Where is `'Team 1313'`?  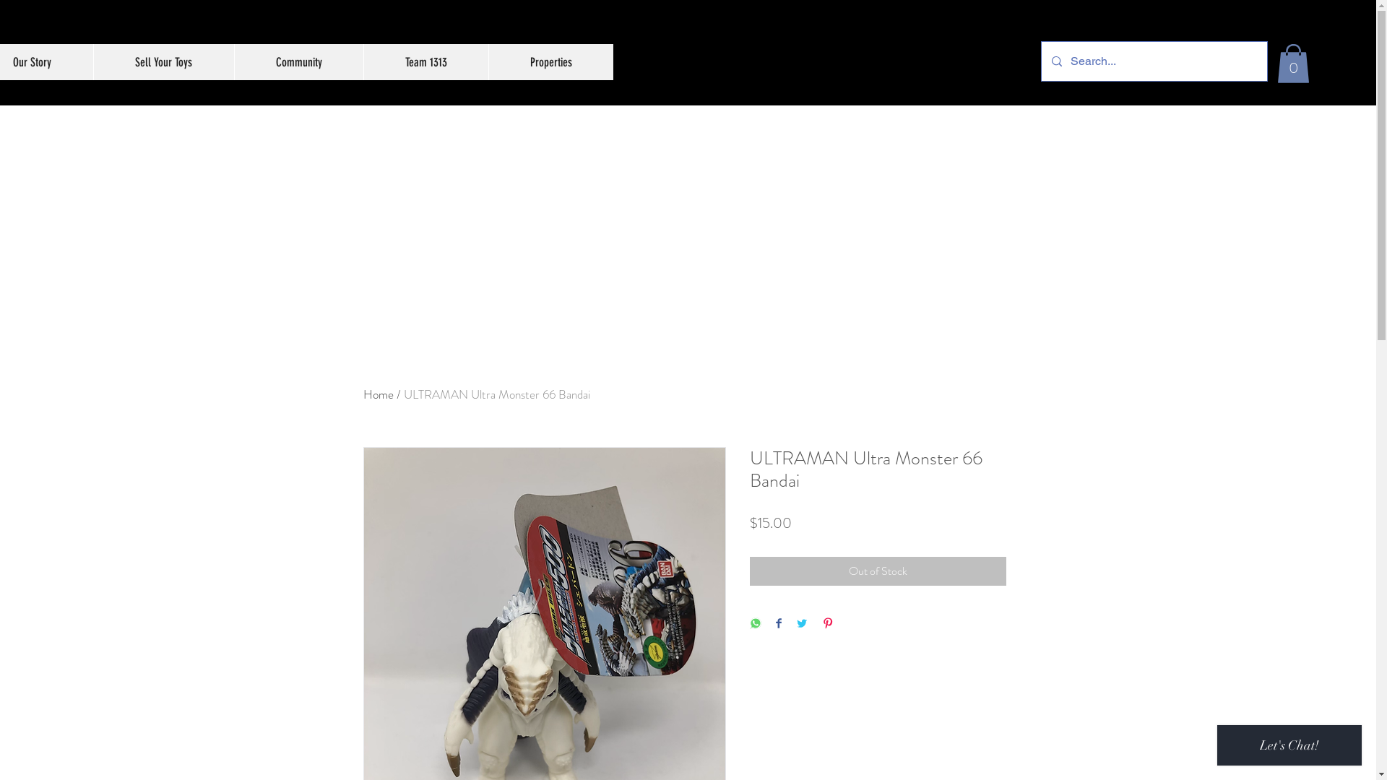 'Team 1313' is located at coordinates (363, 61).